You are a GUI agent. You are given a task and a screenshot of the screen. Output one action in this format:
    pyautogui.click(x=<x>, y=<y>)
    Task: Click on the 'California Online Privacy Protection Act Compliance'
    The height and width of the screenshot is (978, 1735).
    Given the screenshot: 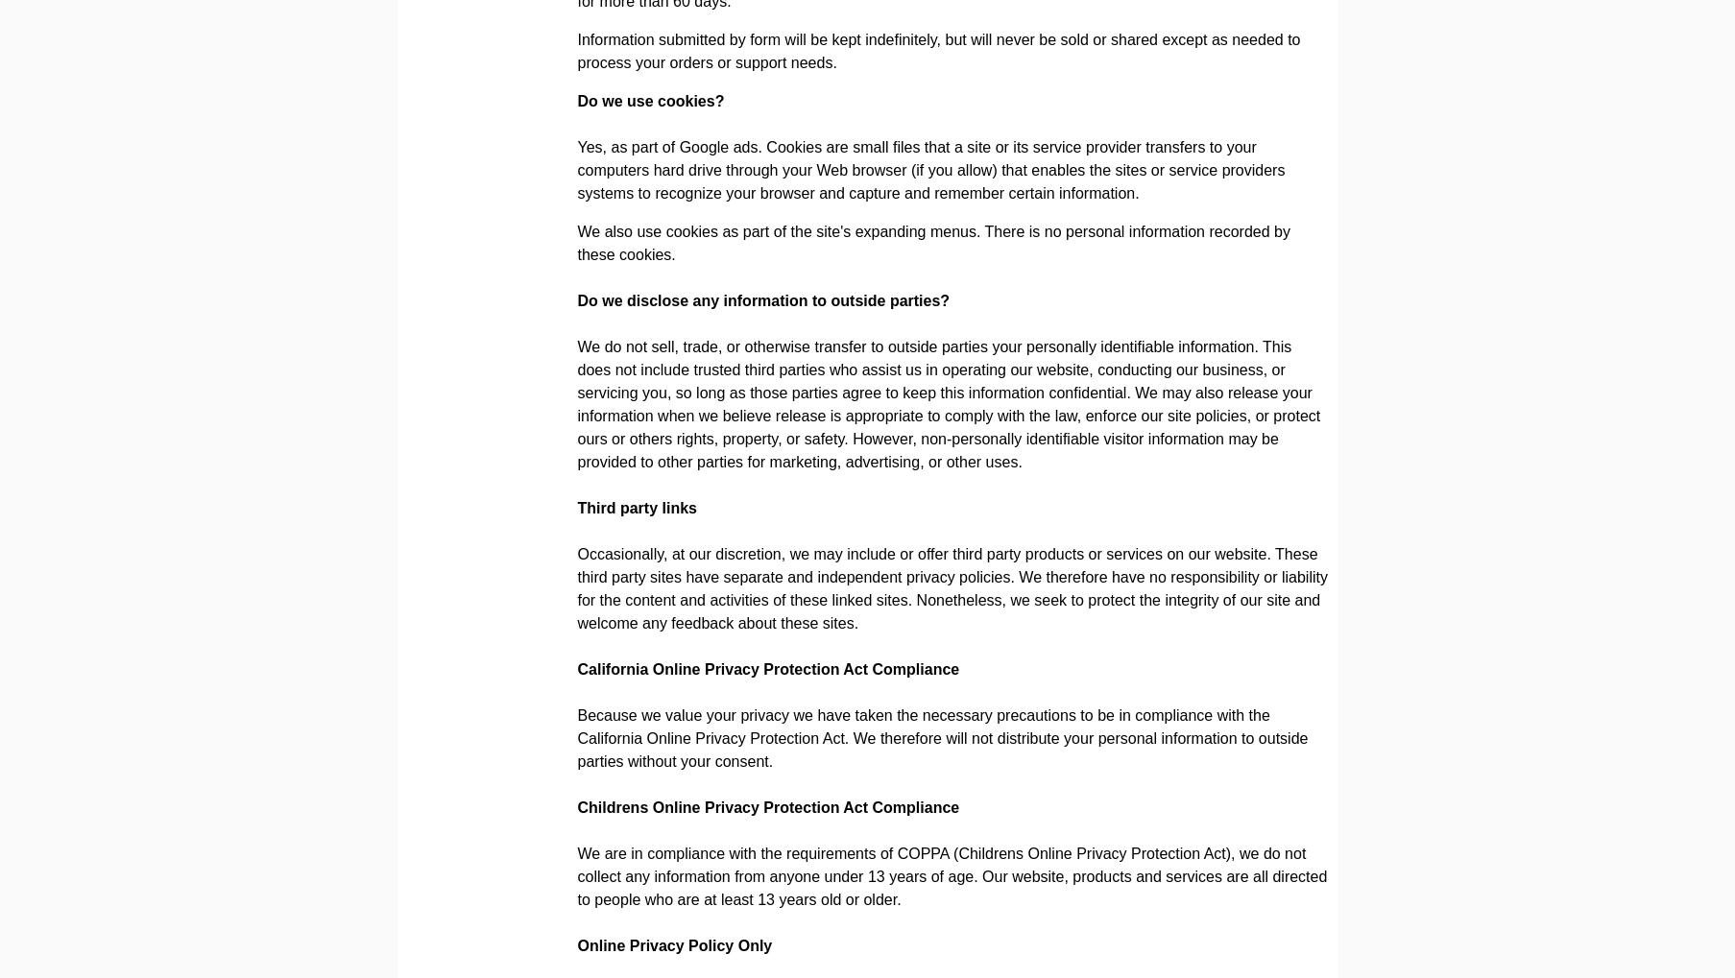 What is the action you would take?
    pyautogui.click(x=766, y=669)
    